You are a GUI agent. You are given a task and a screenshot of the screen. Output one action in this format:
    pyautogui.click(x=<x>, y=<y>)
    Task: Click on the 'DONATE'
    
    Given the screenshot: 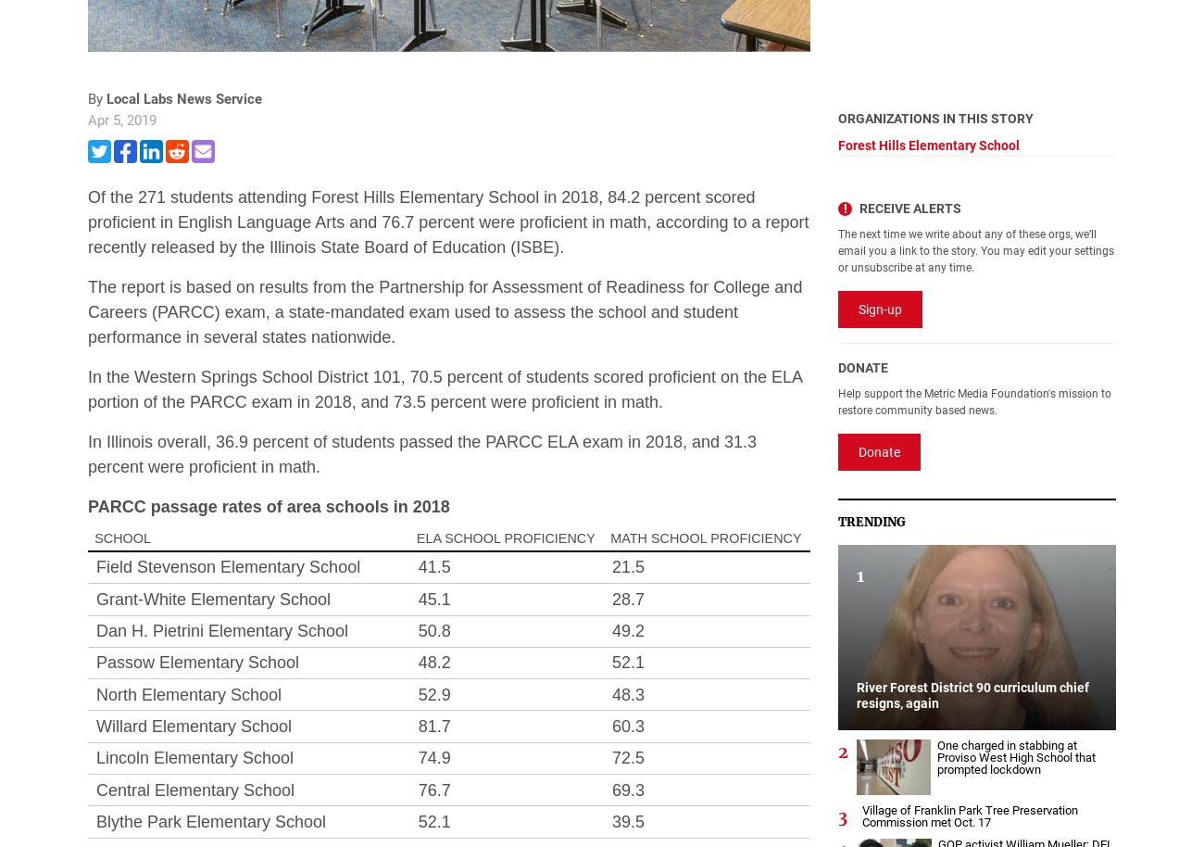 What is the action you would take?
    pyautogui.click(x=862, y=368)
    